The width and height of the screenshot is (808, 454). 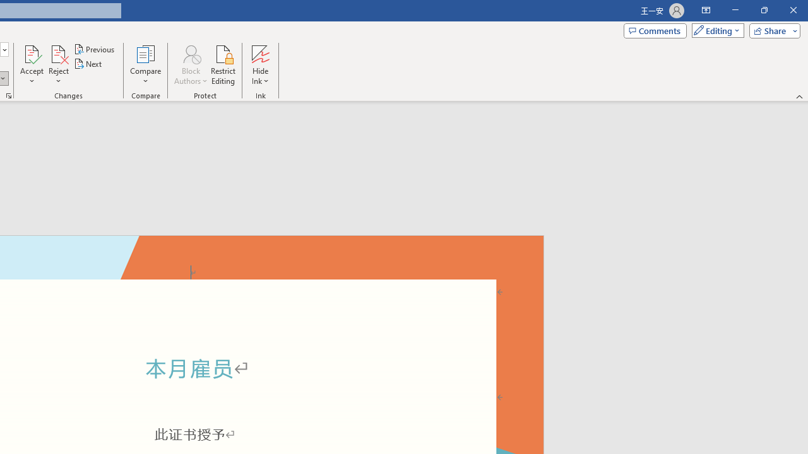 What do you see at coordinates (190, 65) in the screenshot?
I see `'Block Authors'` at bounding box center [190, 65].